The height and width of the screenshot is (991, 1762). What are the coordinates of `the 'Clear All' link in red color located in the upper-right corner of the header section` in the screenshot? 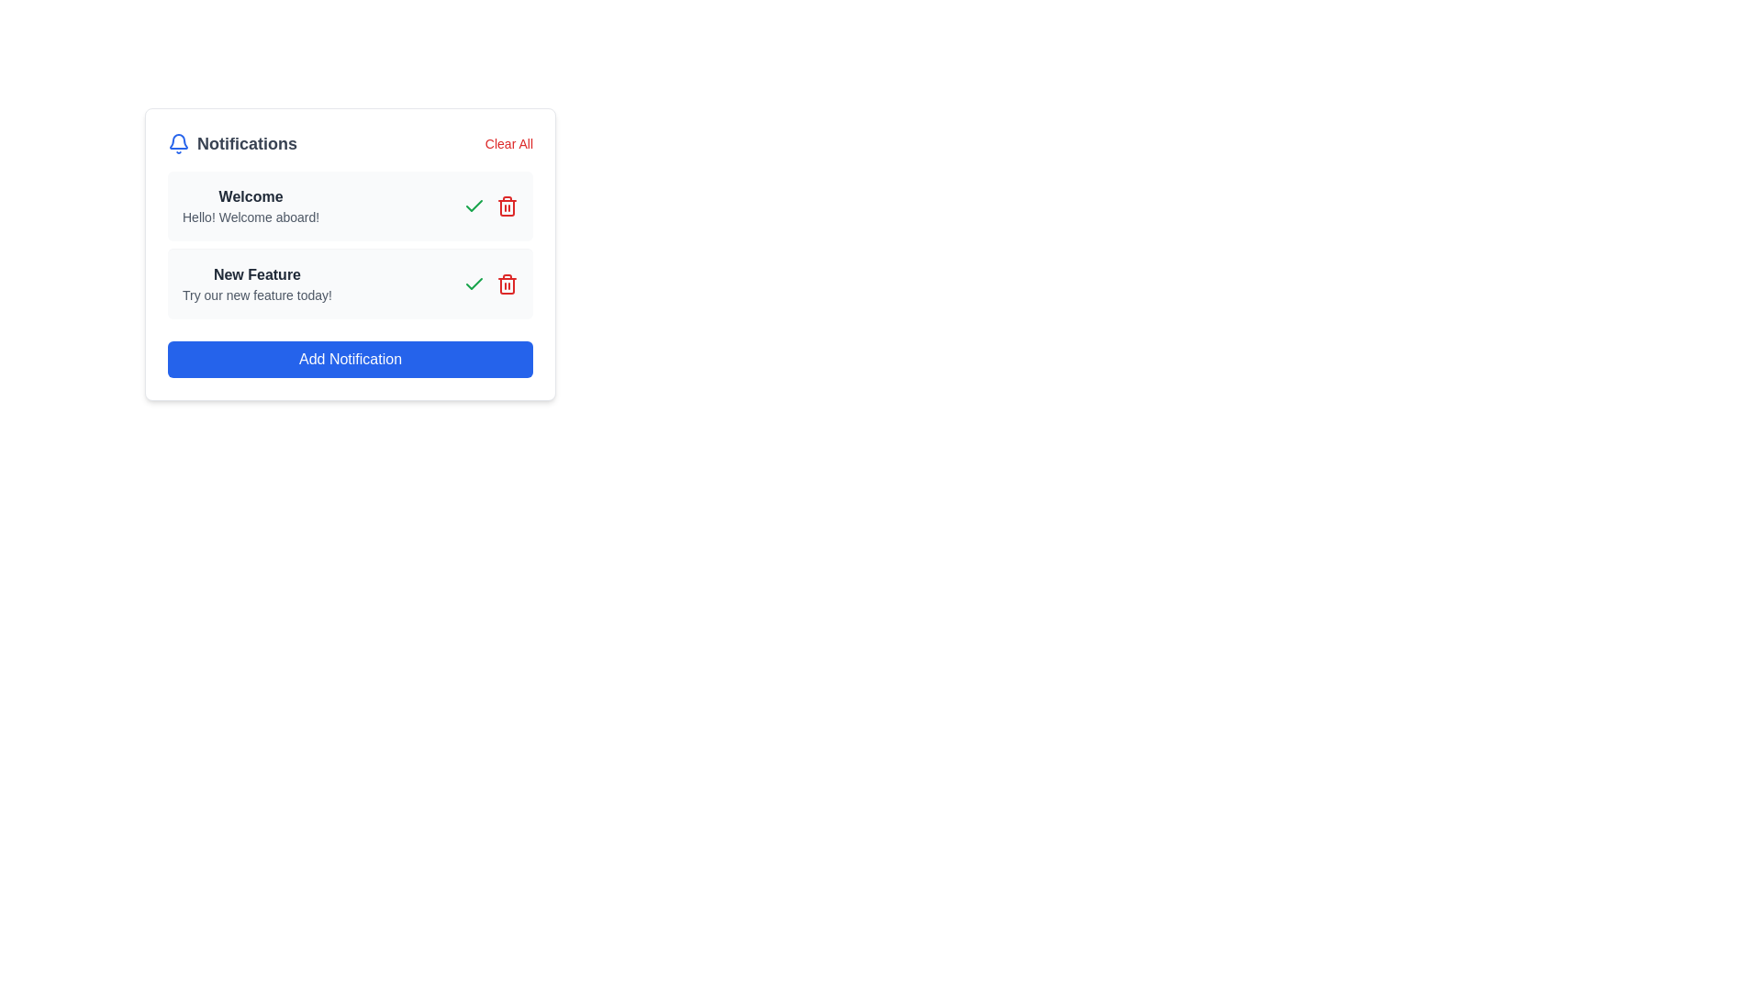 It's located at (508, 143).